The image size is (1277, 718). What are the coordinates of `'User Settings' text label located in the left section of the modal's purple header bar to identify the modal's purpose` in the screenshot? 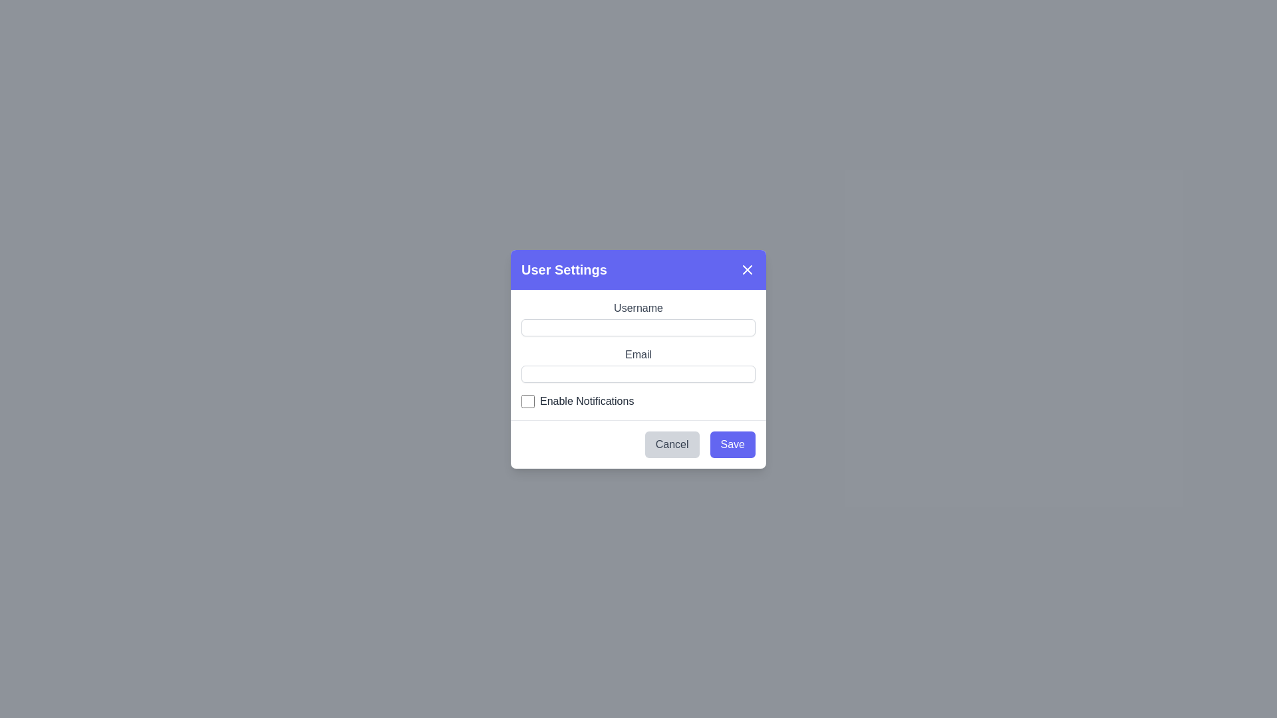 It's located at (564, 269).